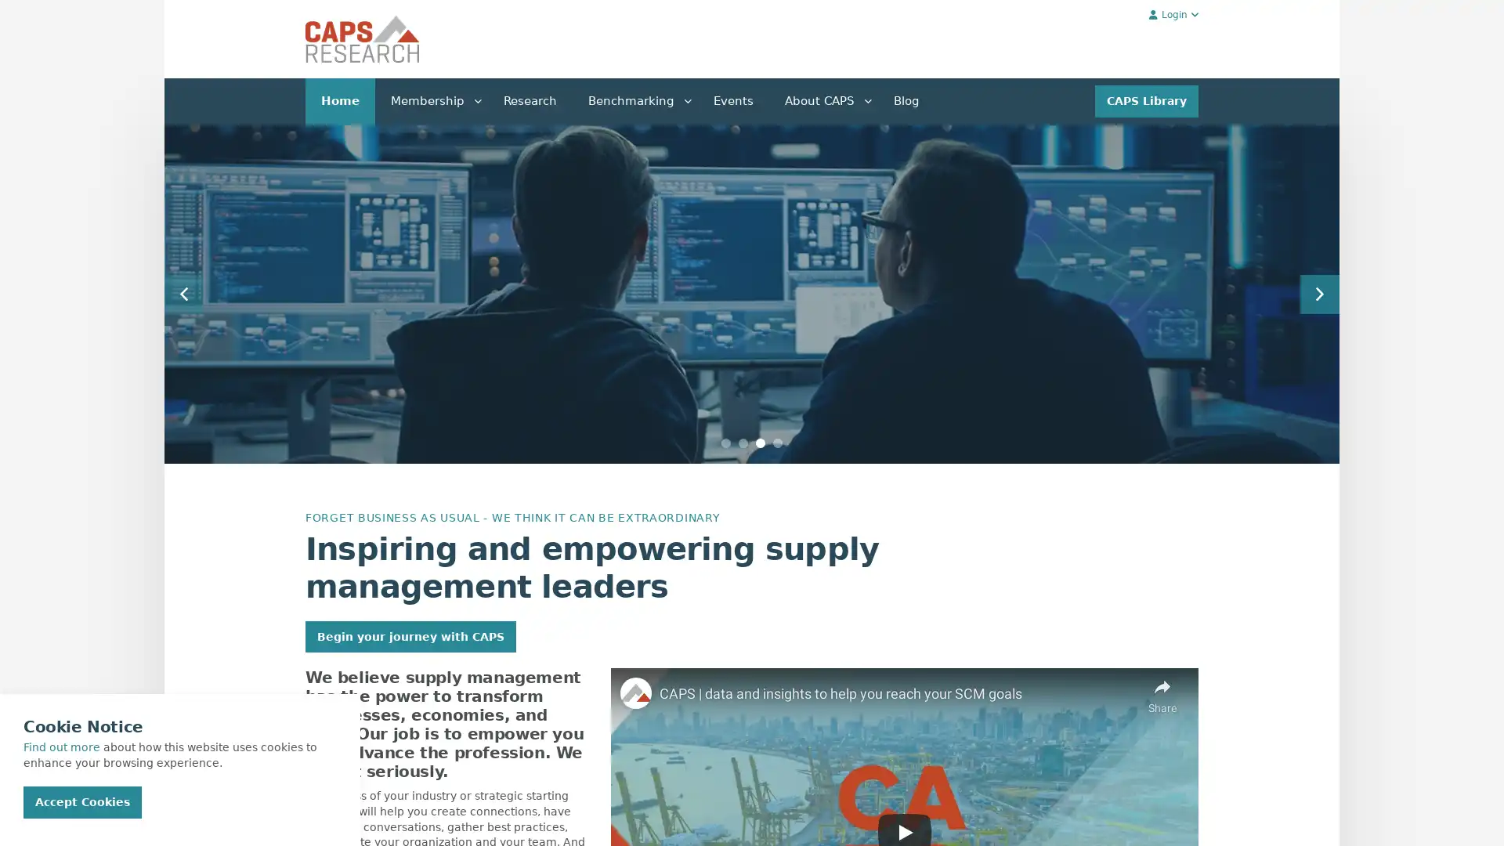 The image size is (1504, 846). What do you see at coordinates (778, 443) in the screenshot?
I see `4` at bounding box center [778, 443].